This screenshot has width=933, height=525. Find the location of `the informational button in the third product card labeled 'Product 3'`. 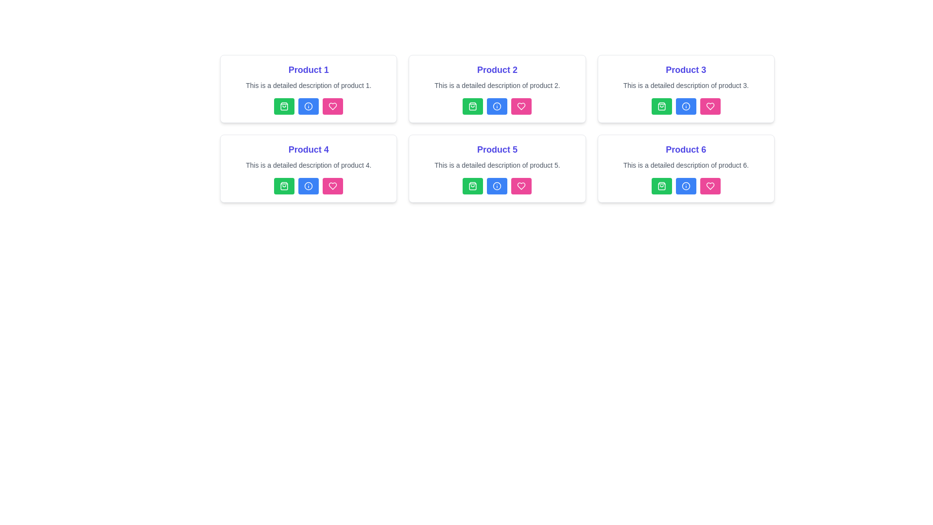

the informational button in the third product card labeled 'Product 3' is located at coordinates (685, 106).